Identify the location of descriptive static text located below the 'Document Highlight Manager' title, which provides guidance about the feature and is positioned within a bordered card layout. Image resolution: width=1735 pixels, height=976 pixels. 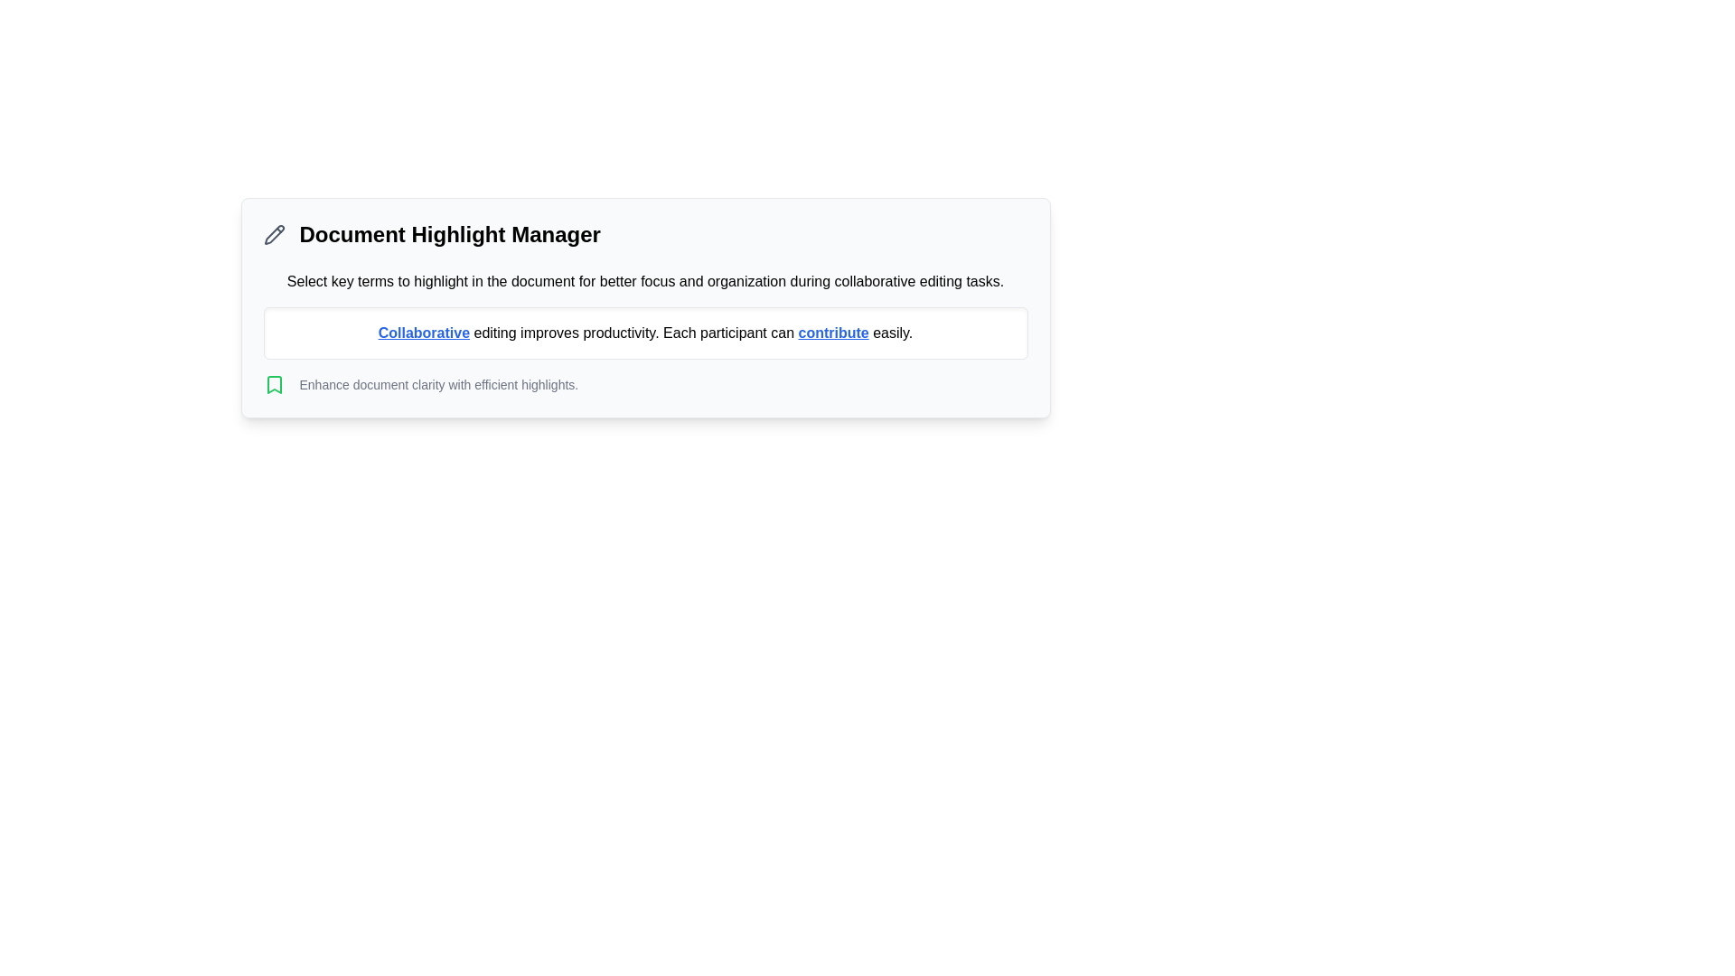
(645, 282).